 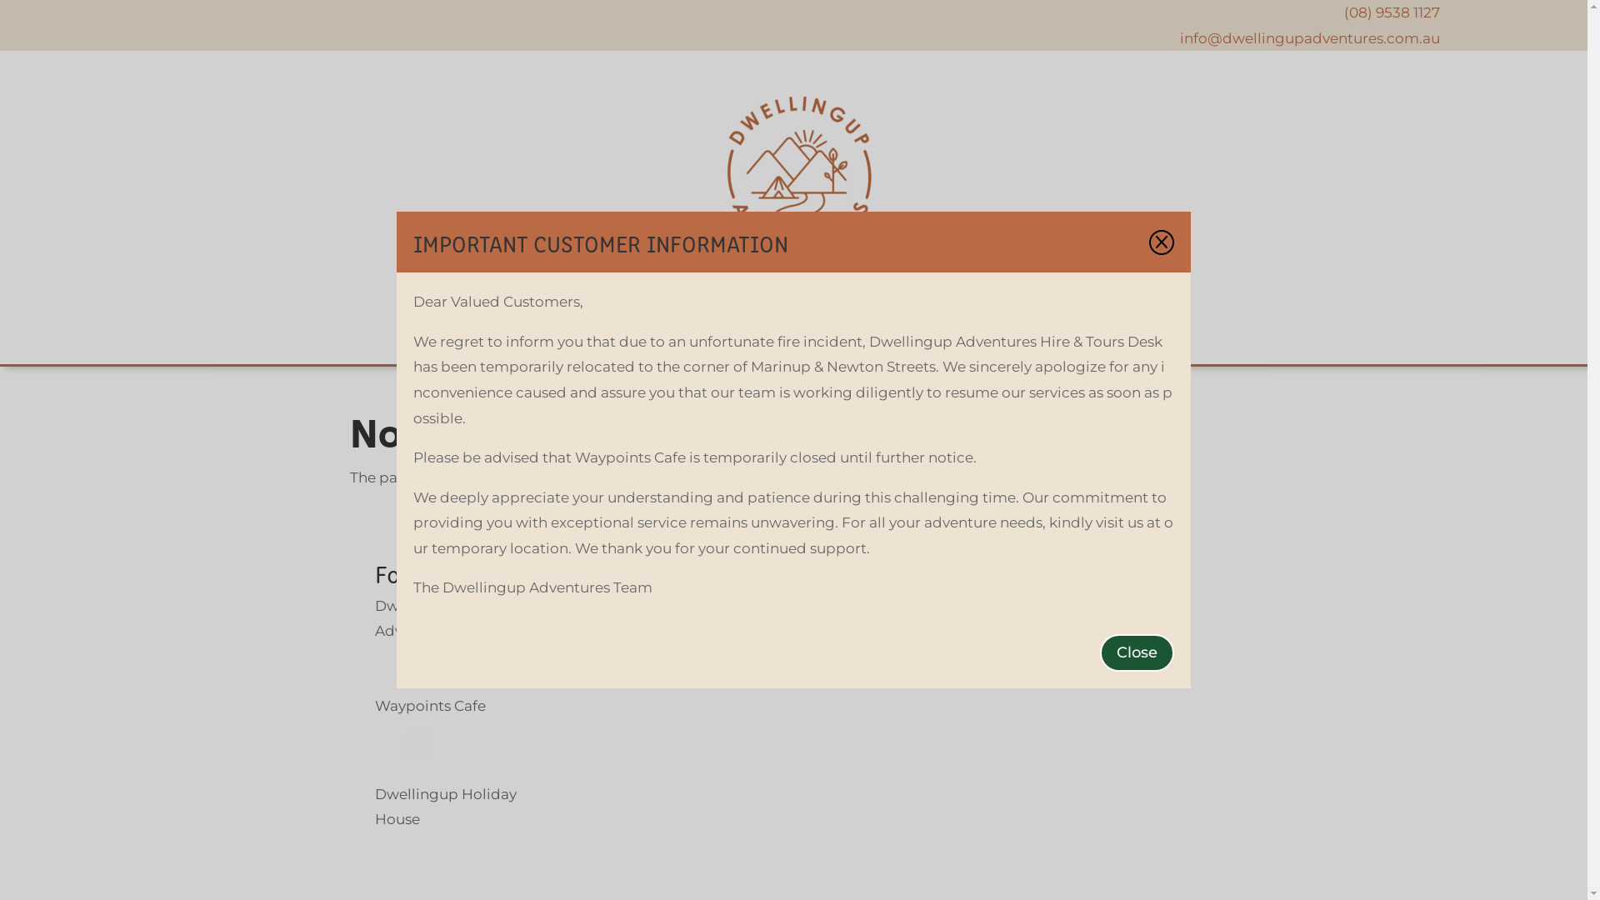 What do you see at coordinates (418, 754) in the screenshot?
I see `'Follow Waypoints Cafe on Instagram'` at bounding box center [418, 754].